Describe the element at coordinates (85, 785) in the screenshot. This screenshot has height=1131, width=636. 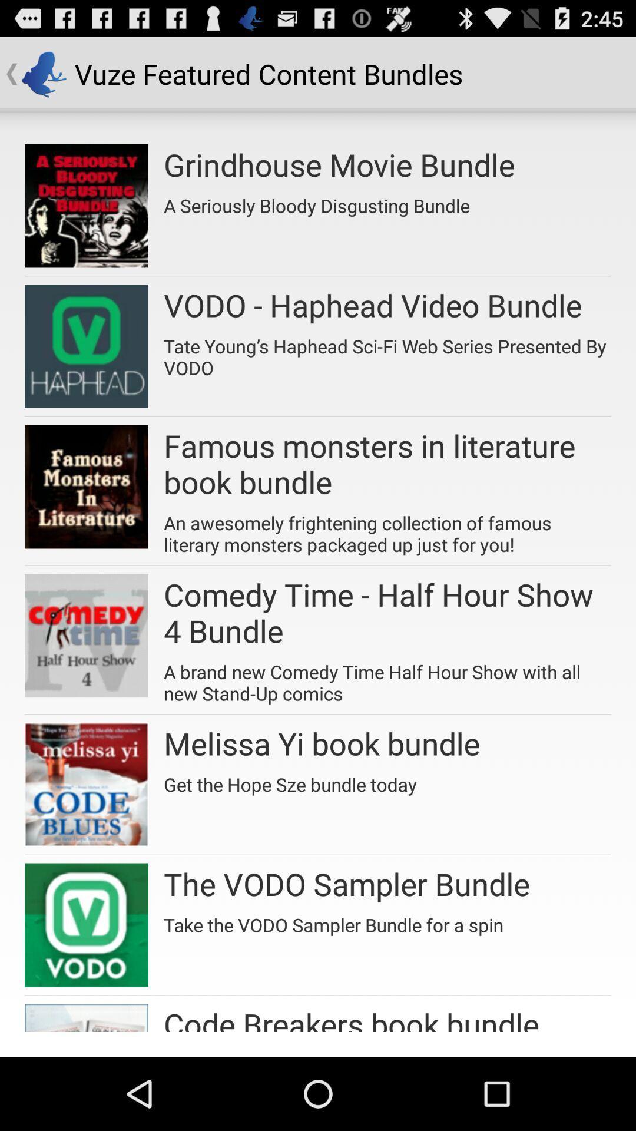
I see `the fifth image from top` at that location.